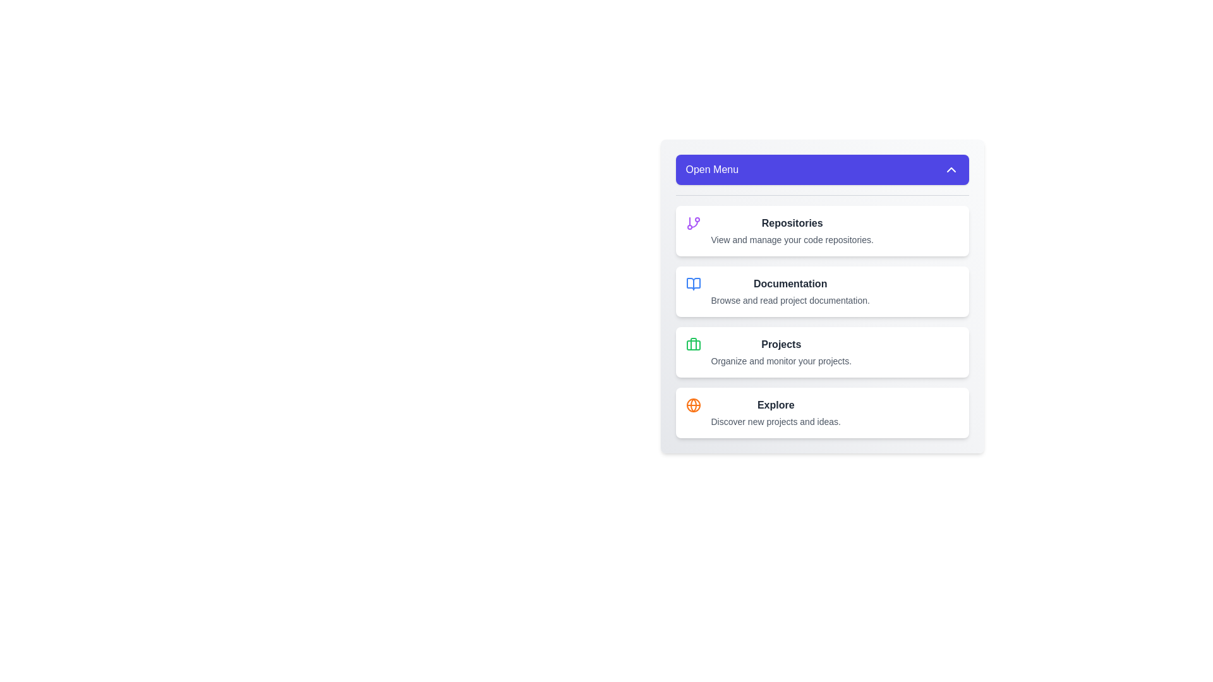 The image size is (1213, 682). I want to click on the title text element located in the bottommost box of the menu section, which precedes the descriptive text 'Discover new projects and ideas.', so click(775, 405).